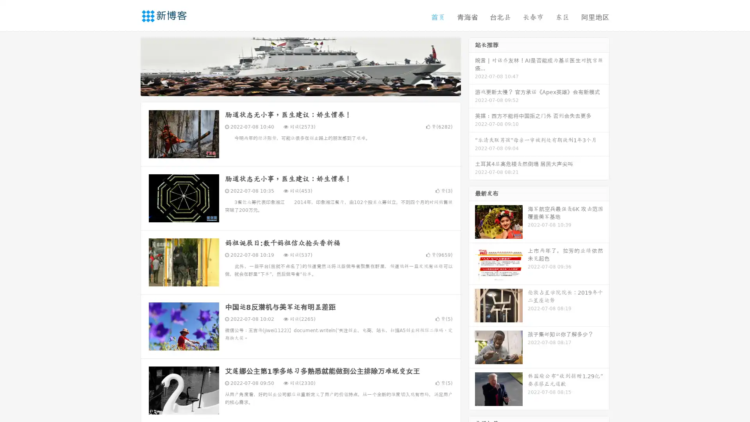  I want to click on Go to slide 2, so click(300, 88).